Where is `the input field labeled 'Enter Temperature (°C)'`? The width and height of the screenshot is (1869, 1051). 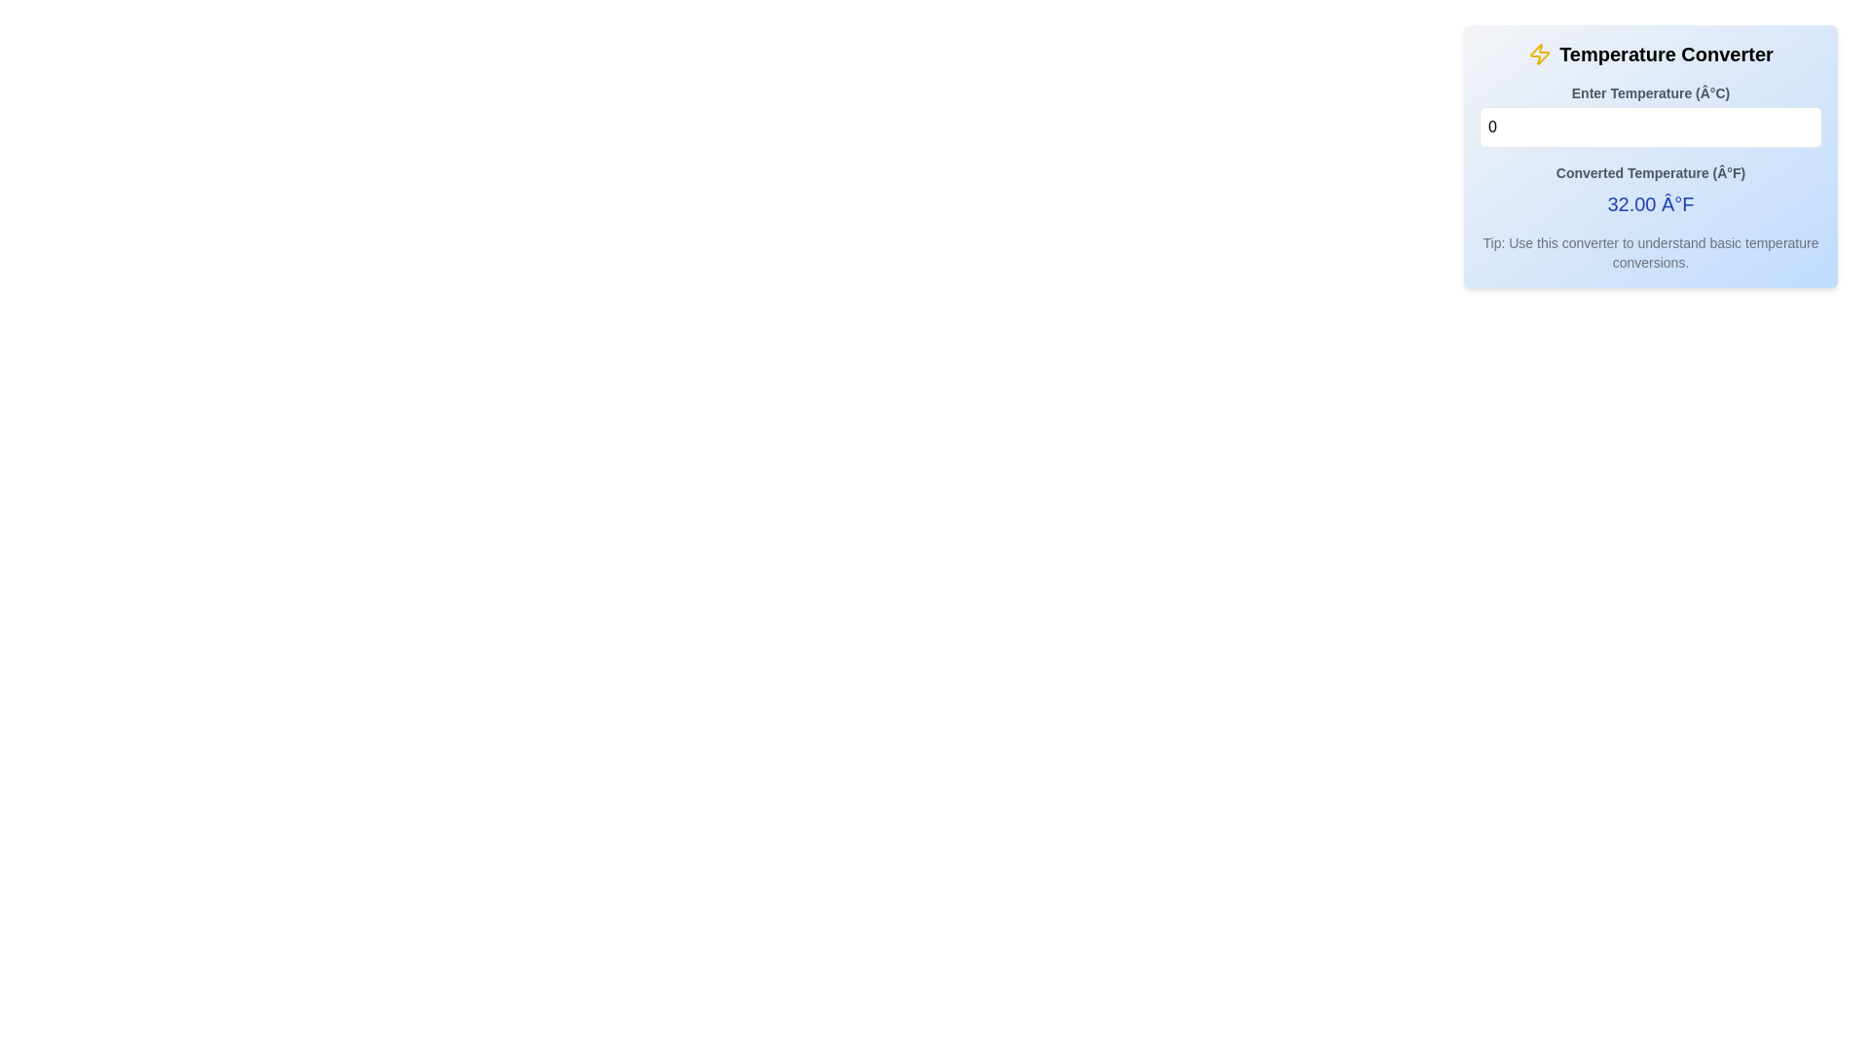
the input field labeled 'Enter Temperature (°C)' is located at coordinates (1649, 116).